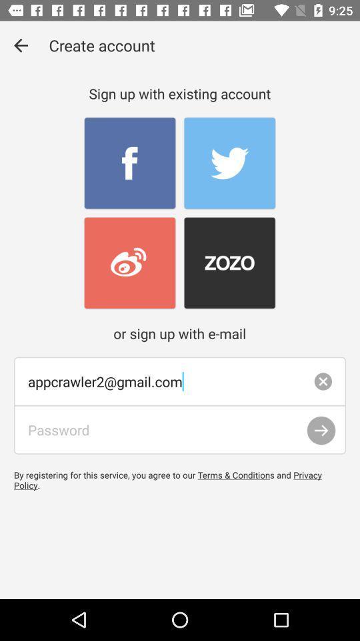 The height and width of the screenshot is (641, 360). I want to click on the item to the left of the create account item, so click(20, 45).